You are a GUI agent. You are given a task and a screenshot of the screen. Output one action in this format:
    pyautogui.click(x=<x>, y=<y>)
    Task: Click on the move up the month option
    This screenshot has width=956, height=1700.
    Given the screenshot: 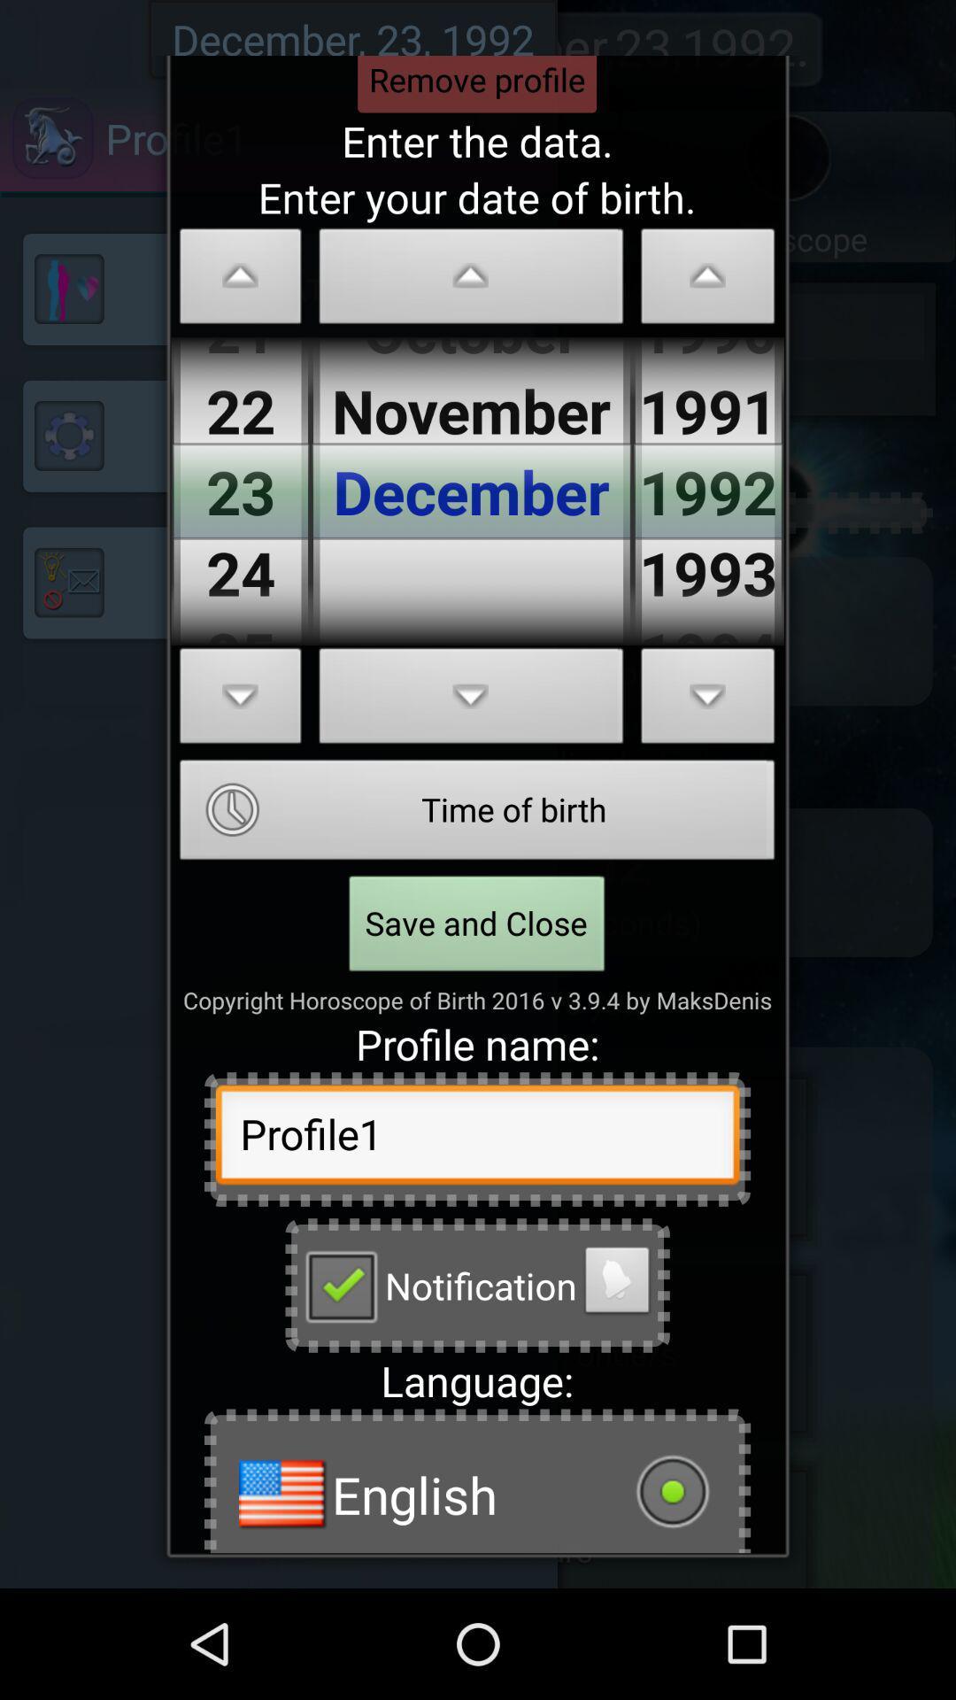 What is the action you would take?
    pyautogui.click(x=470, y=280)
    